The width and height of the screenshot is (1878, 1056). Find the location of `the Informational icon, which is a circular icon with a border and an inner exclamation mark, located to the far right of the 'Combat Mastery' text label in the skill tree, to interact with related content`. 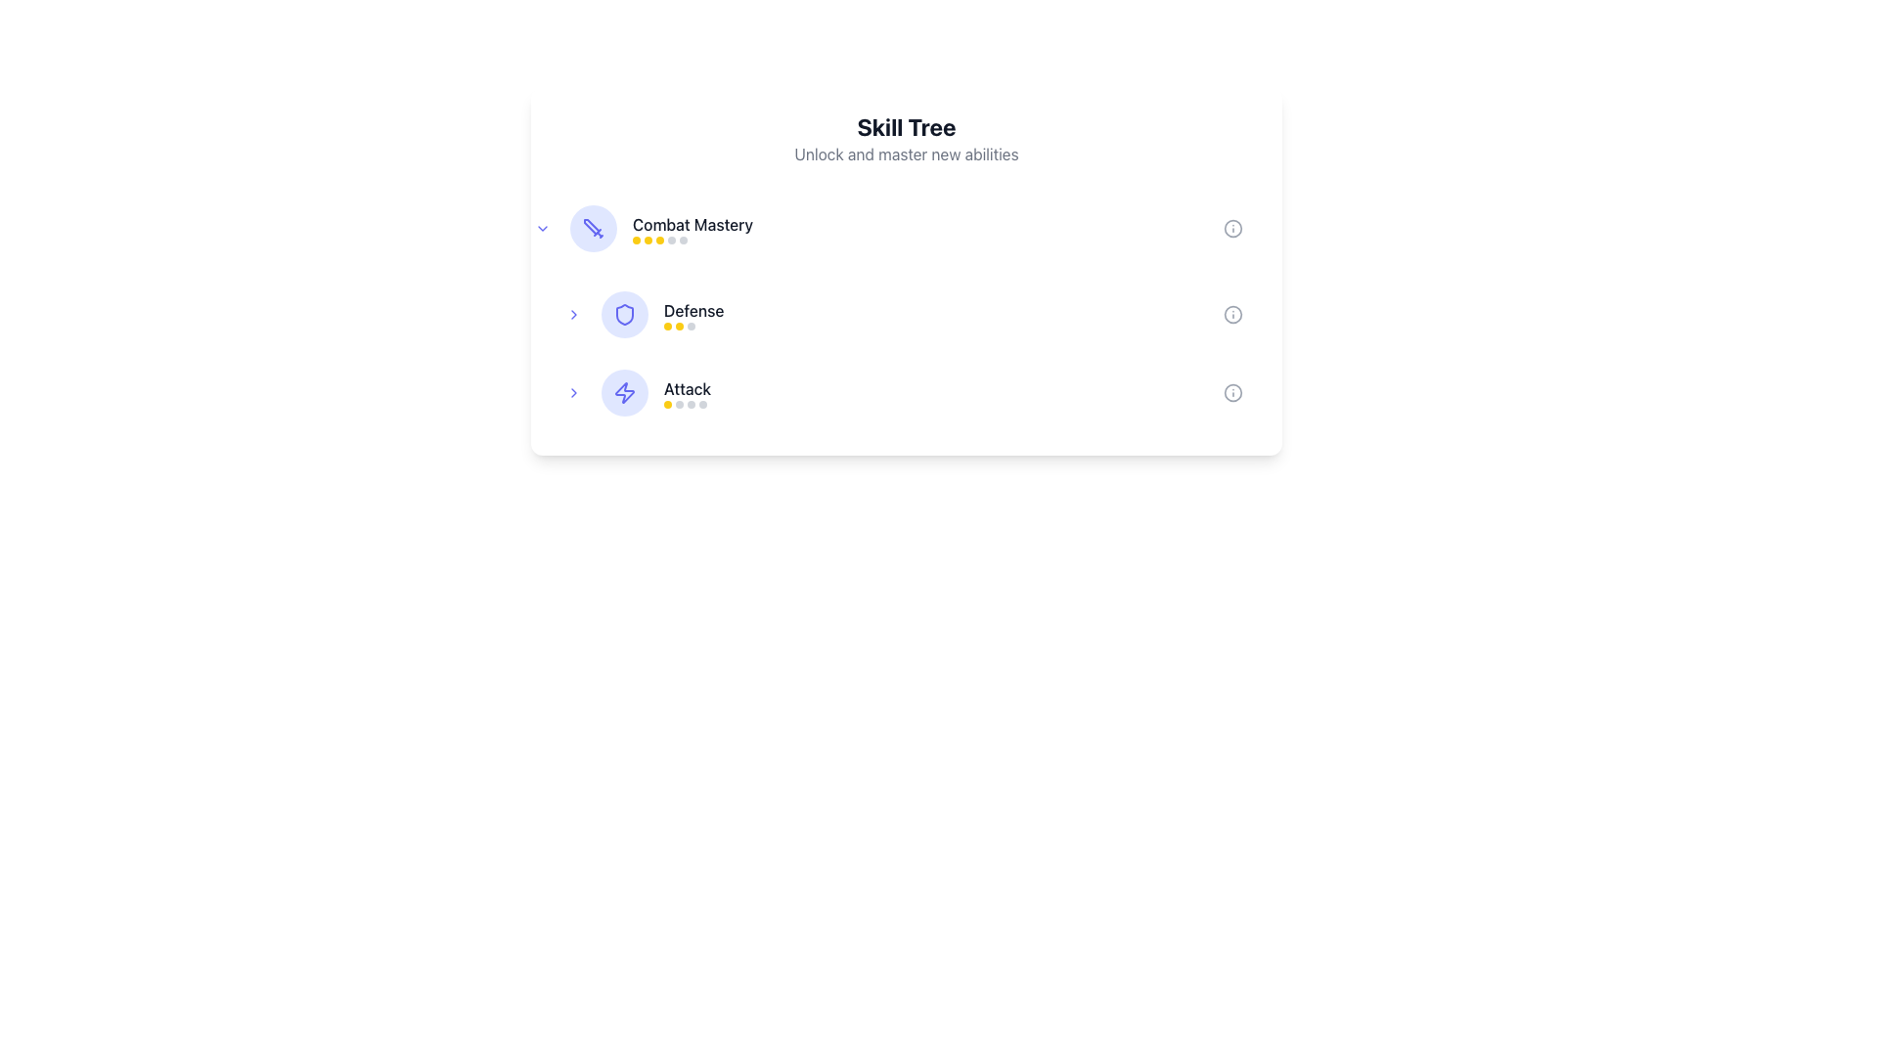

the Informational icon, which is a circular icon with a border and an inner exclamation mark, located to the far right of the 'Combat Mastery' text label in the skill tree, to interact with related content is located at coordinates (1232, 228).